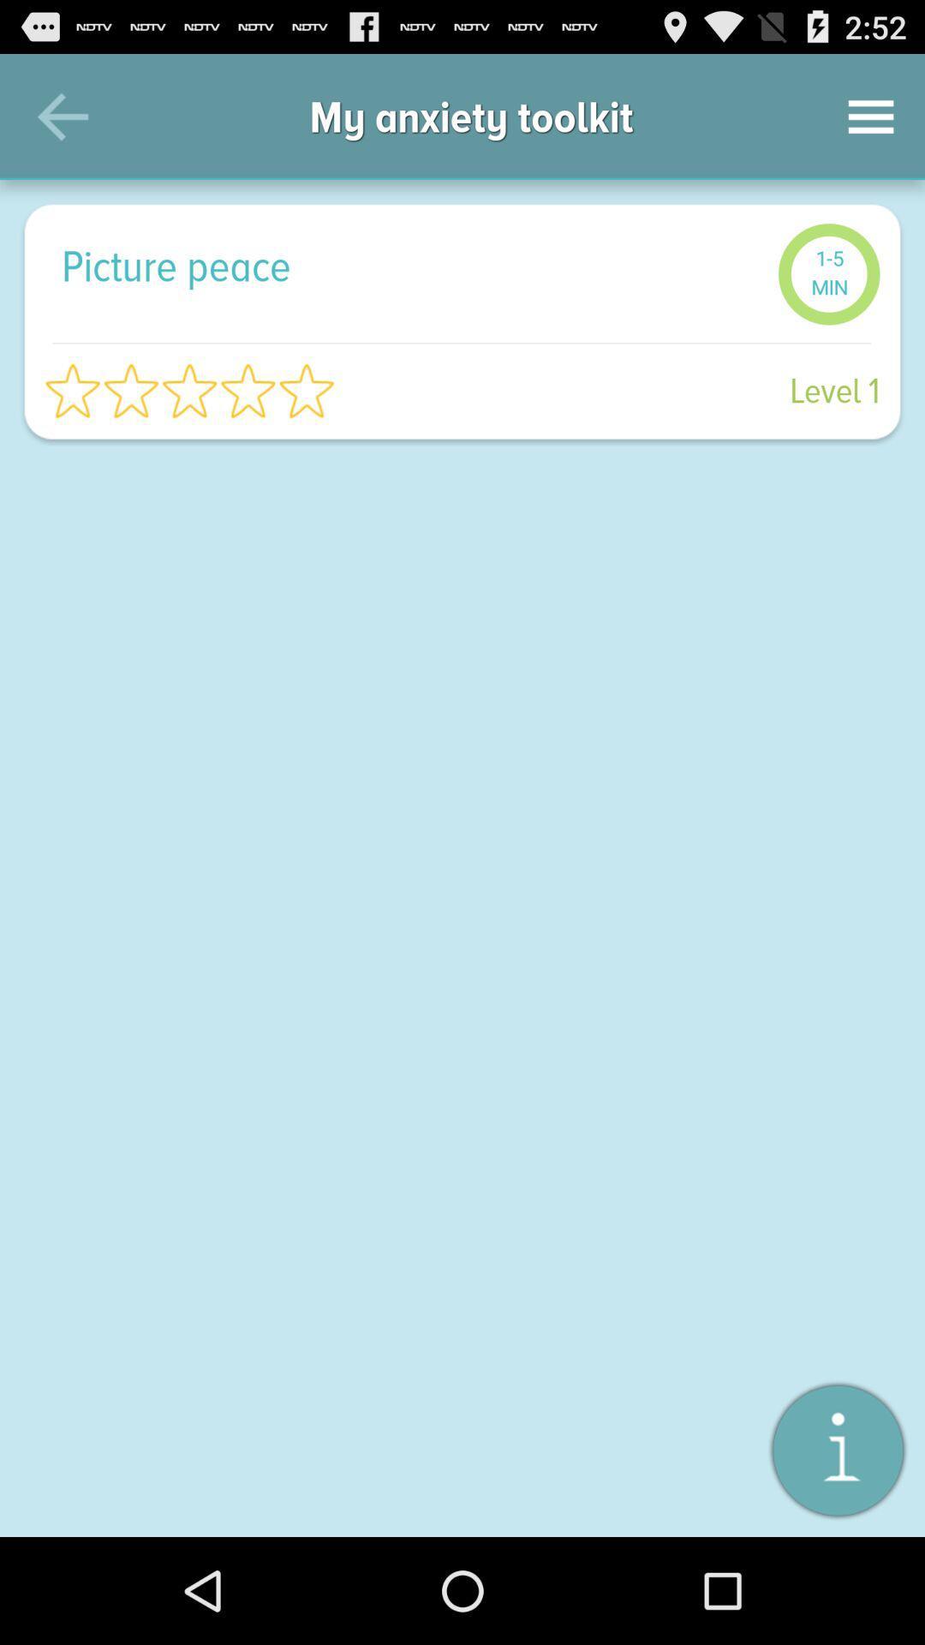 The width and height of the screenshot is (925, 1645). Describe the element at coordinates (410, 265) in the screenshot. I see `picture peace` at that location.